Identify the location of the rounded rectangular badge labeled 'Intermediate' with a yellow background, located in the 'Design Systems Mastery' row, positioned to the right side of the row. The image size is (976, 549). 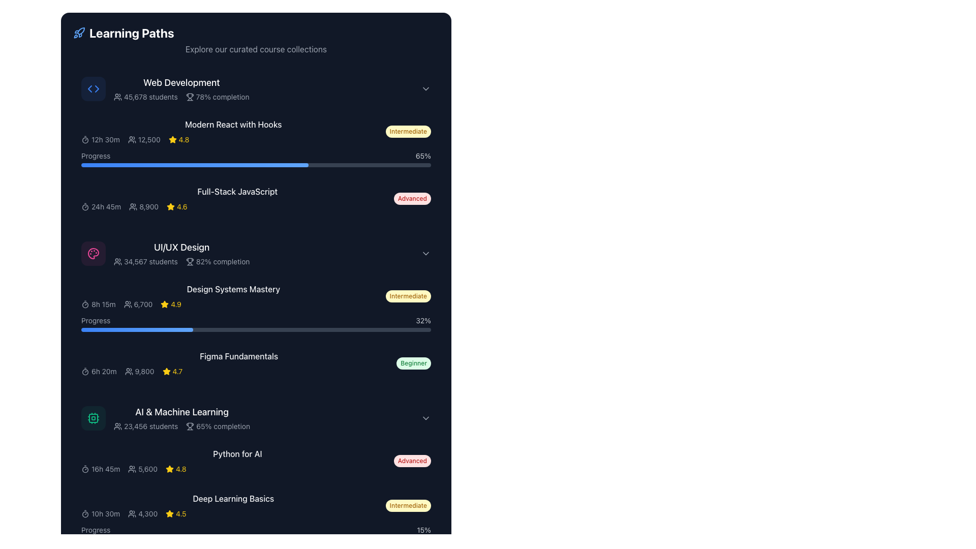
(408, 296).